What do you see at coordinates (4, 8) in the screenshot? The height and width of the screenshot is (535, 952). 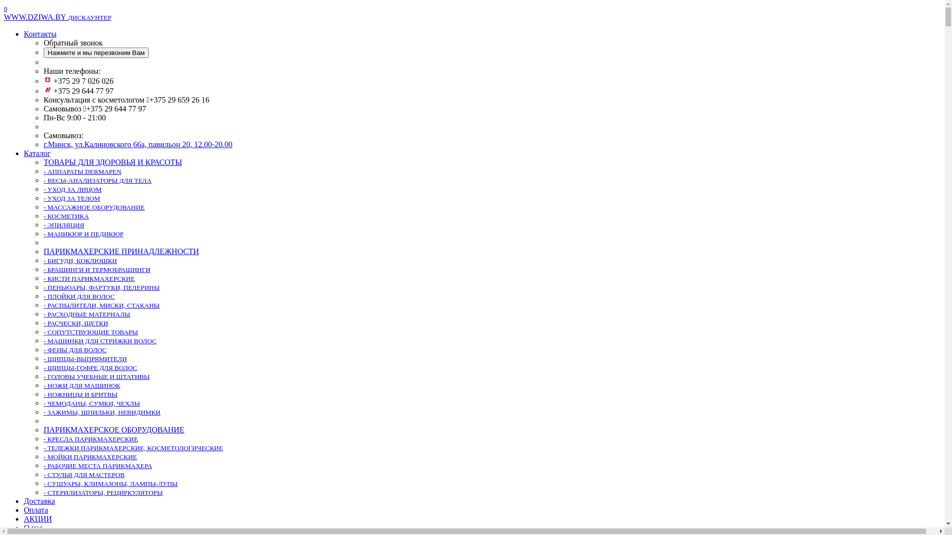 I see `'0'` at bounding box center [4, 8].